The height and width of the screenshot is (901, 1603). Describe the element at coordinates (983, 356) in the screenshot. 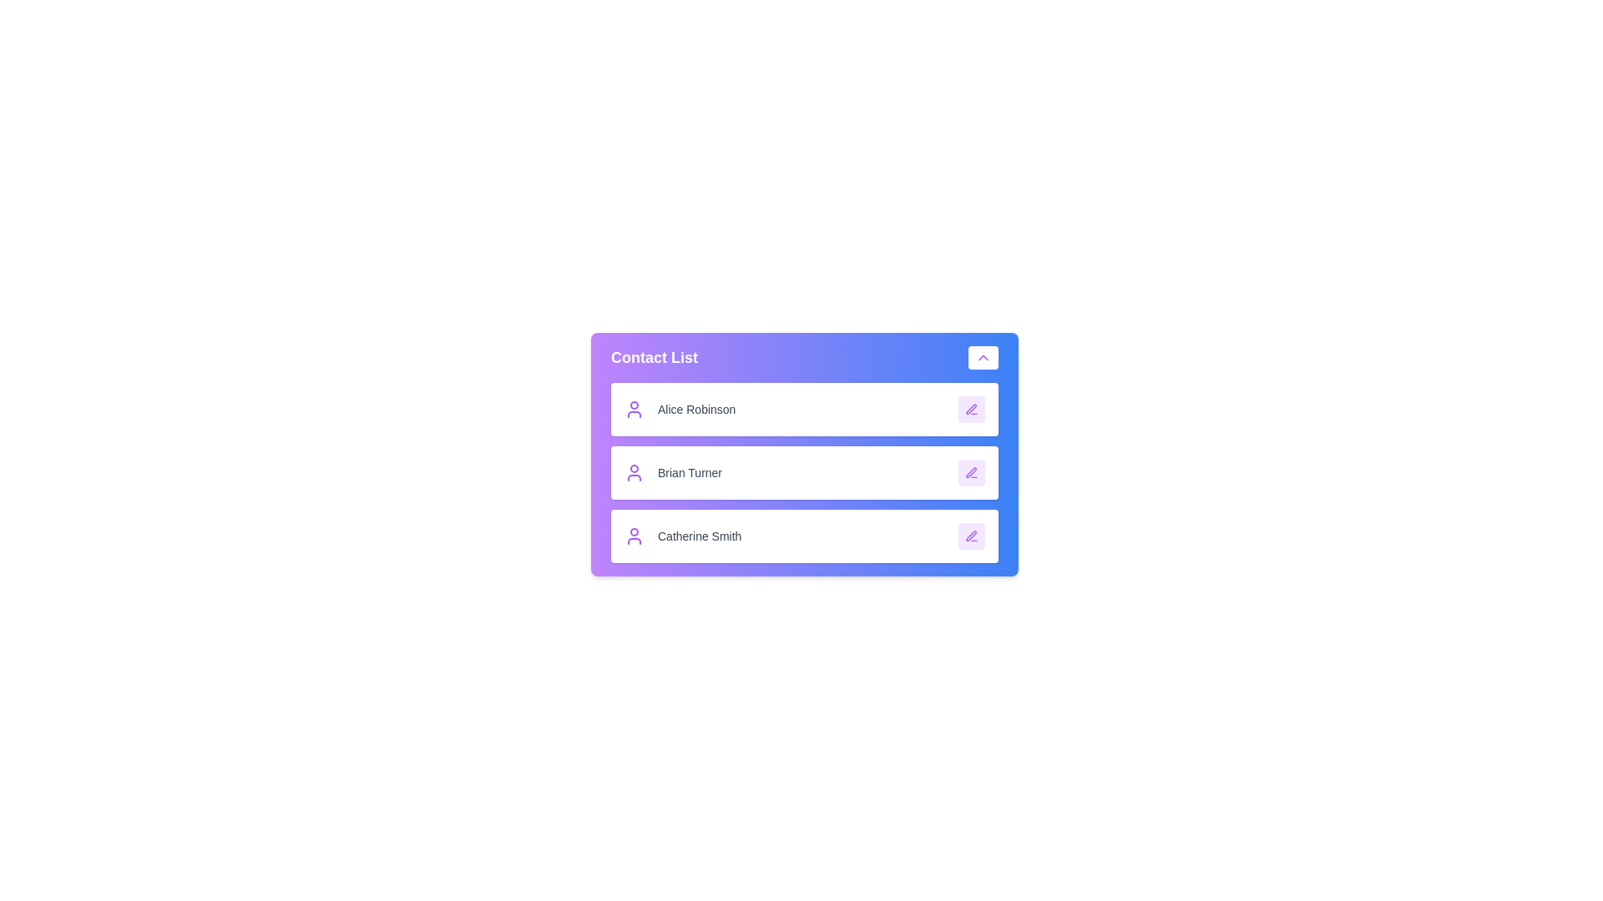

I see `toggle button to toggle the visibility of the contact list` at that location.